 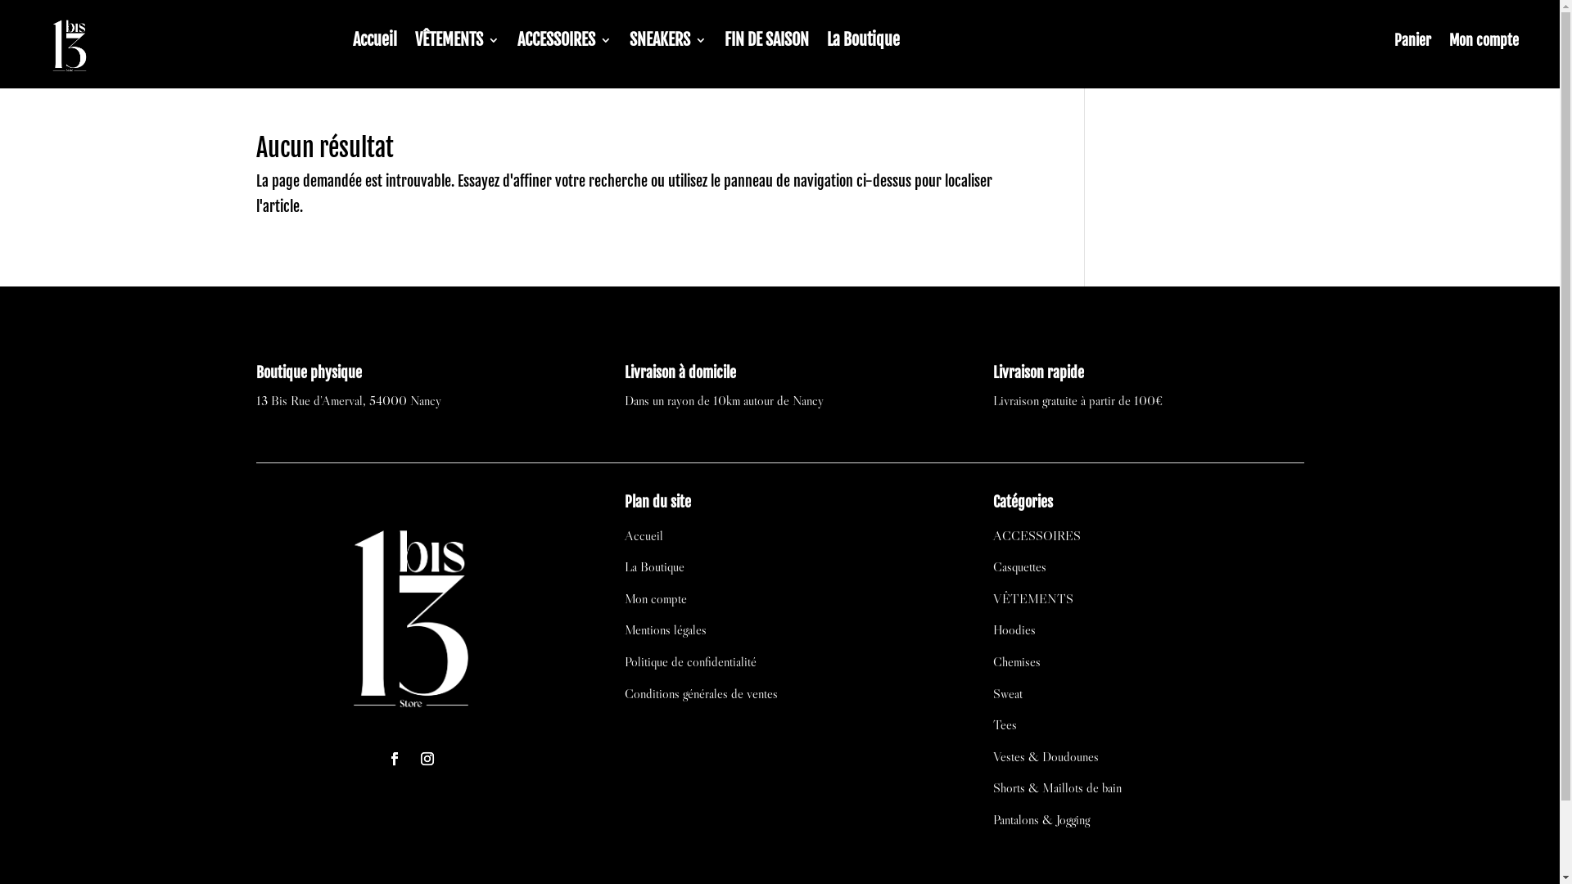 What do you see at coordinates (411, 613) in the screenshot?
I see `'13BIS-white'` at bounding box center [411, 613].